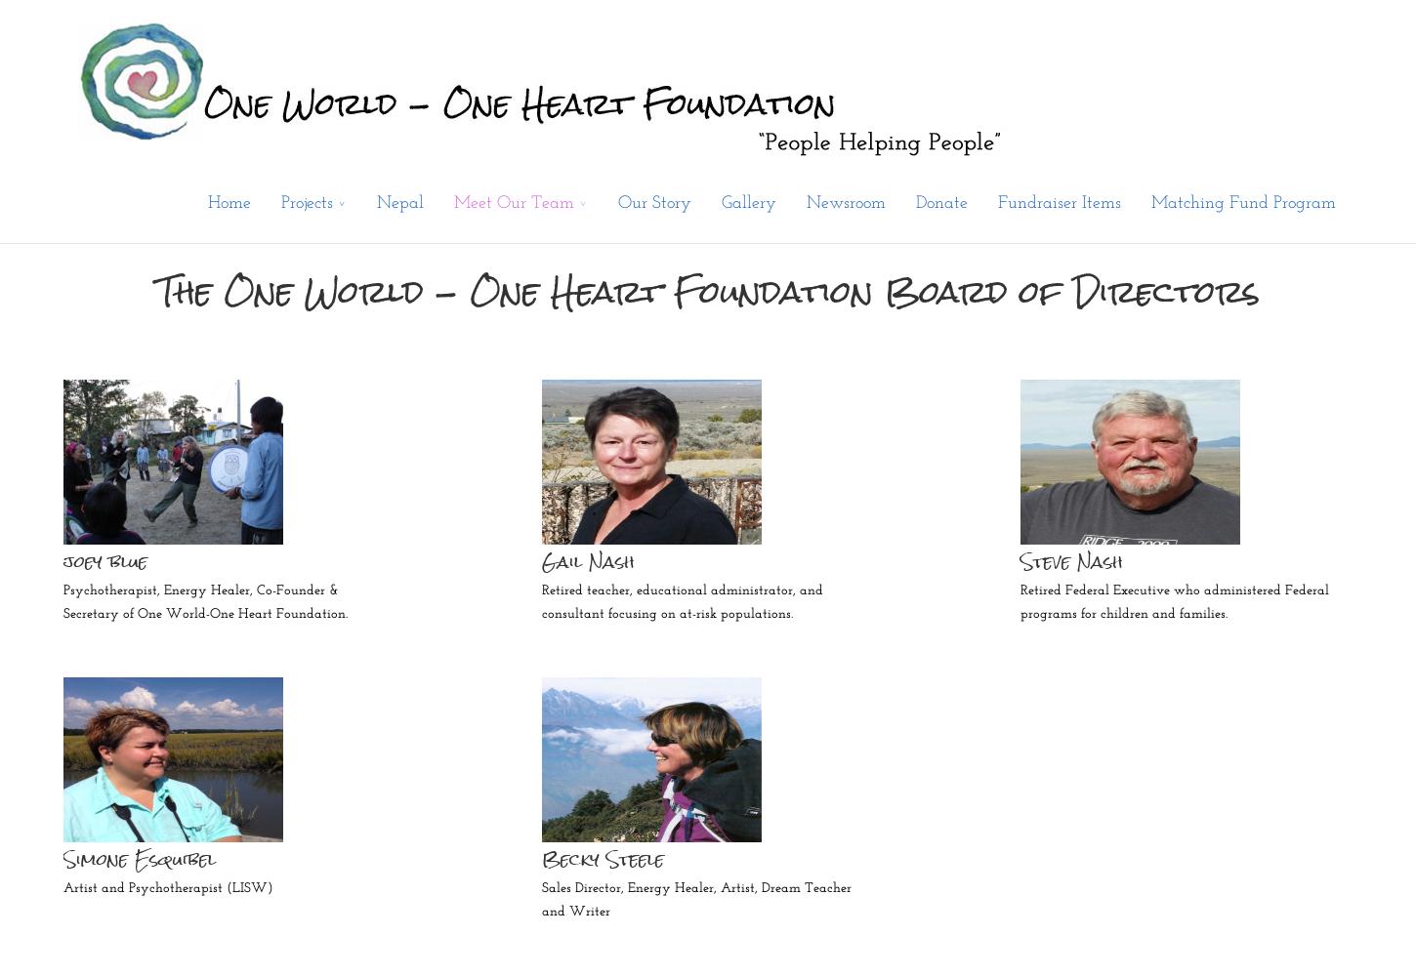 The image size is (1416, 976). What do you see at coordinates (1148, 202) in the screenshot?
I see `'Matching Fund Program'` at bounding box center [1148, 202].